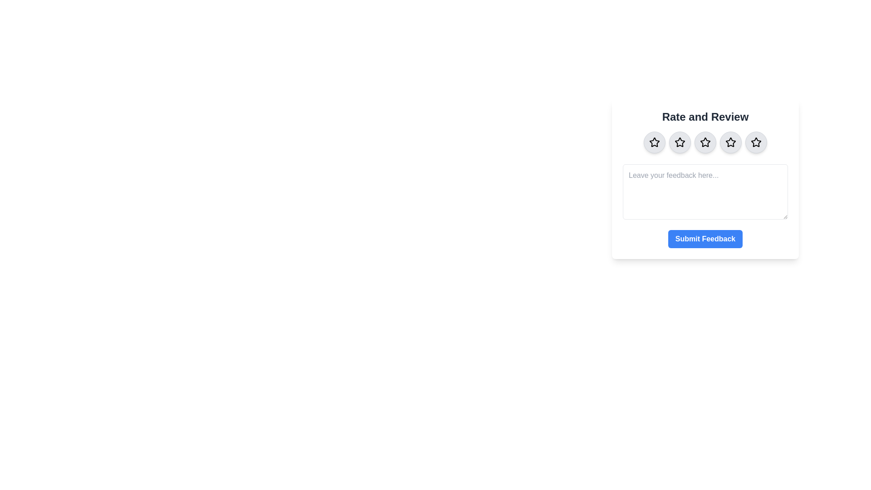 This screenshot has width=871, height=490. What do you see at coordinates (655, 142) in the screenshot?
I see `the first empty star-shaped rating icon in the row` at bounding box center [655, 142].